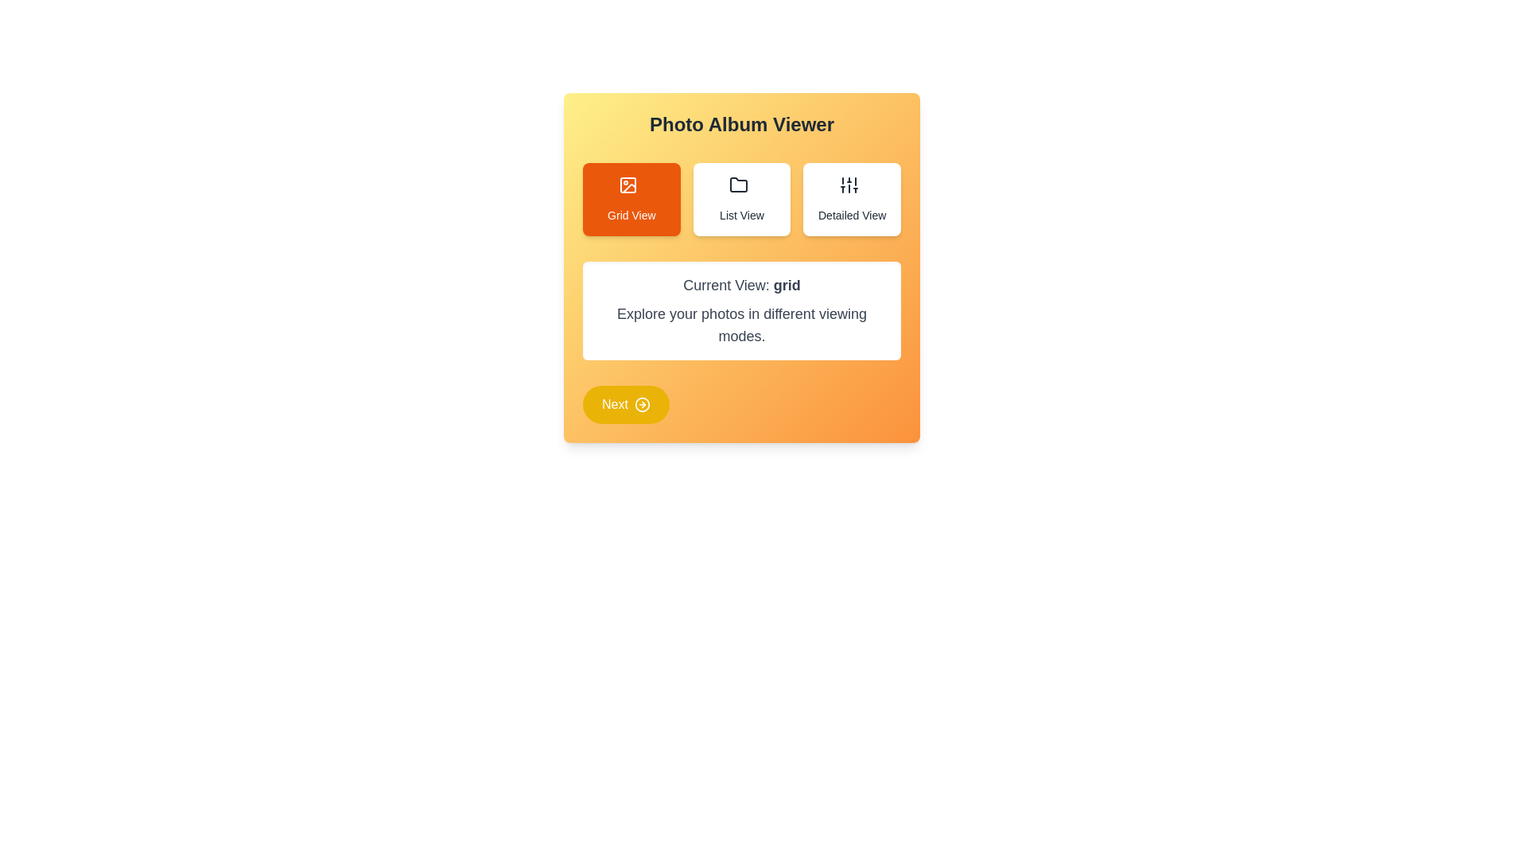 The width and height of the screenshot is (1527, 859). Describe the element at coordinates (851, 215) in the screenshot. I see `the 'Detailed View' text label located within the rightmost card-style button of the view mode options` at that location.